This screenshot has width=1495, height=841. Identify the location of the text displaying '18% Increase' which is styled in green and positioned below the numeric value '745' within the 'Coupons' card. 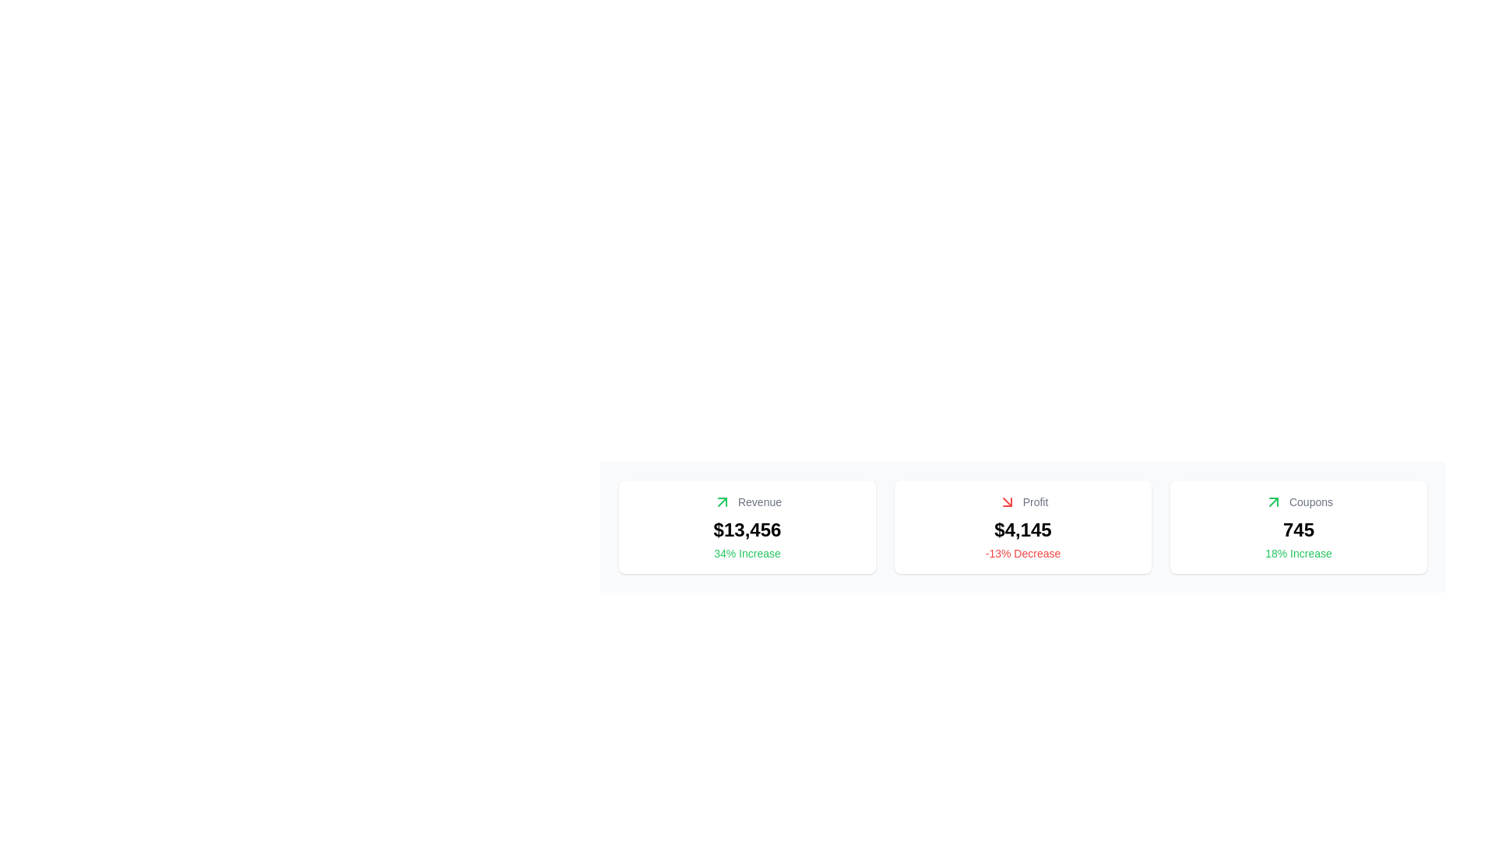
(1299, 552).